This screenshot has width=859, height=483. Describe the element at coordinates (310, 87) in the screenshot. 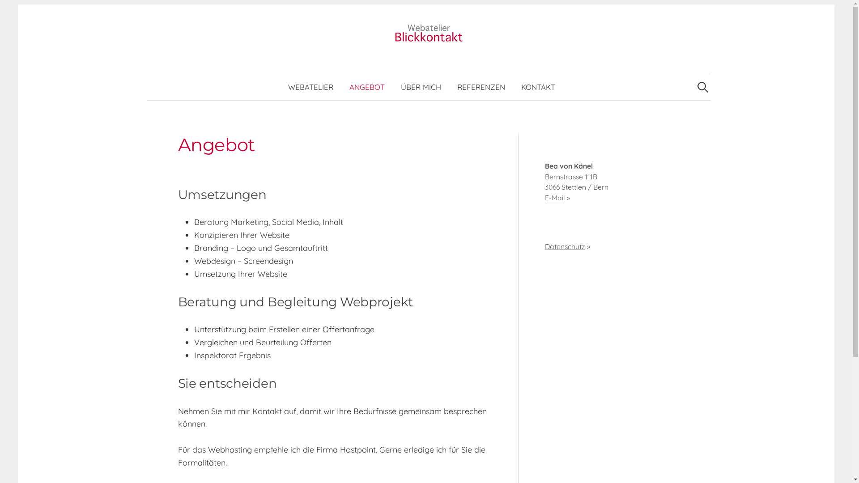

I see `'WEBATELIER'` at that location.